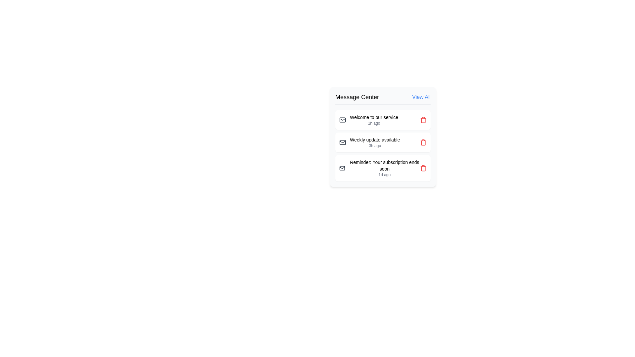 Image resolution: width=635 pixels, height=357 pixels. What do you see at coordinates (368, 120) in the screenshot?
I see `the first notification list item below the 'Message Center' header` at bounding box center [368, 120].